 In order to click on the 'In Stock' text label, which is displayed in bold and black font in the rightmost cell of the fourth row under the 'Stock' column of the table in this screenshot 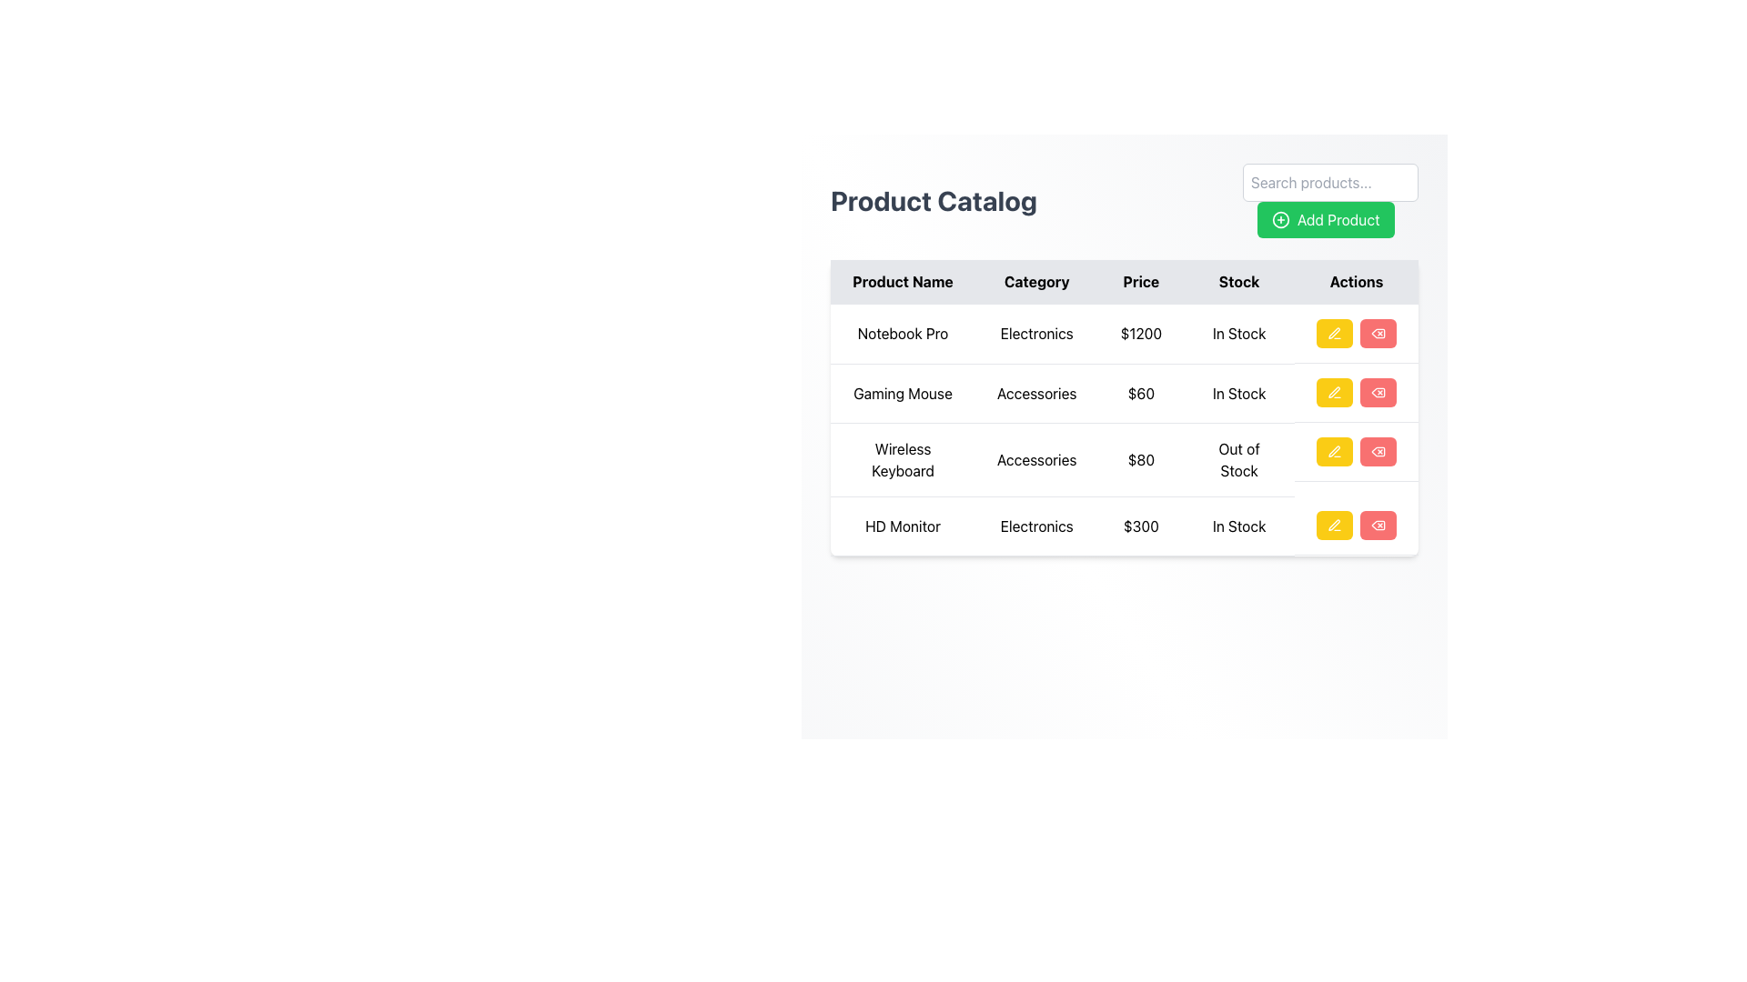, I will do `click(1238, 526)`.